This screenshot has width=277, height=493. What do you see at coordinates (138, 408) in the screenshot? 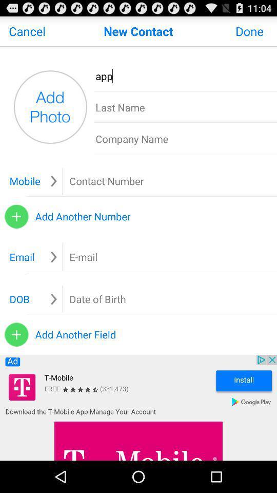
I see `install app` at bounding box center [138, 408].